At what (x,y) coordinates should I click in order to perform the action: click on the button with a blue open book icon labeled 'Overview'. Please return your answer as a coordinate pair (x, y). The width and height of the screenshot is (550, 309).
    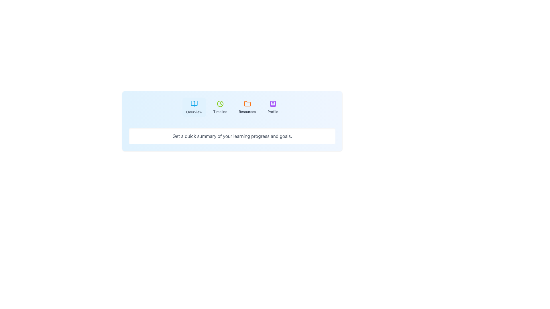
    Looking at the image, I should click on (194, 107).